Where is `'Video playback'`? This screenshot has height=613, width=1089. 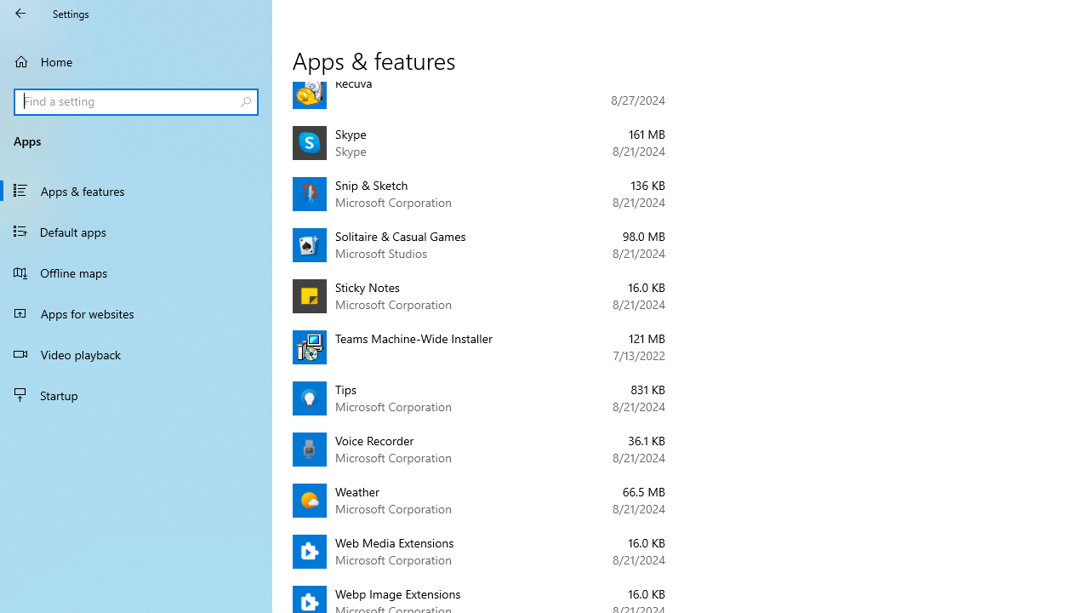
'Video playback' is located at coordinates (136, 352).